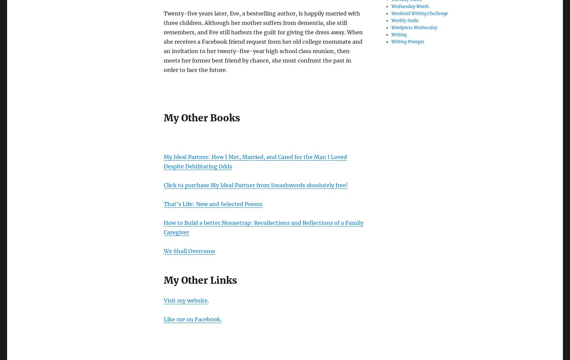 The width and height of the screenshot is (570, 360). What do you see at coordinates (163, 227) in the screenshot?
I see `'How to Build a better Mousetrap: Recollections and Reflections of a Family Caregiver'` at bounding box center [163, 227].